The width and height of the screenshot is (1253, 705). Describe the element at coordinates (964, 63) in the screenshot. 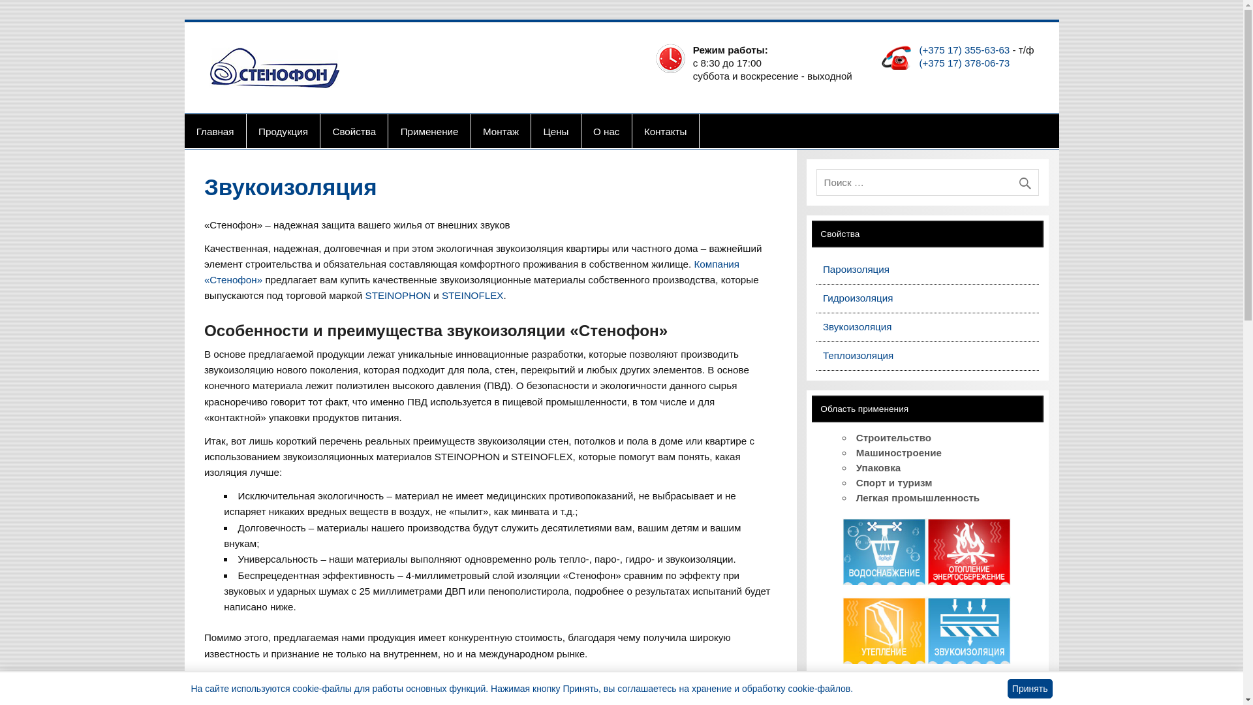

I see `'(+375 17) 378-06-73'` at that location.